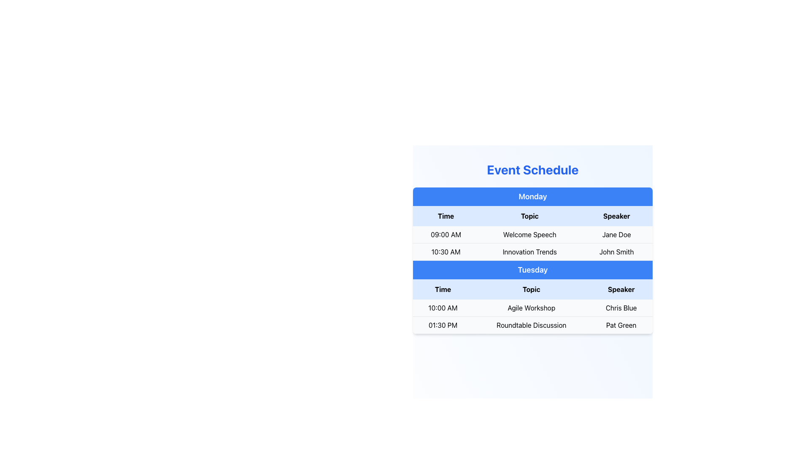 The image size is (810, 455). I want to click on event details displayed in the second row under the 'Tuesday' section of the table, which includes the time, topic, and speaker of the session happening at 01:30 PM, so click(532, 324).